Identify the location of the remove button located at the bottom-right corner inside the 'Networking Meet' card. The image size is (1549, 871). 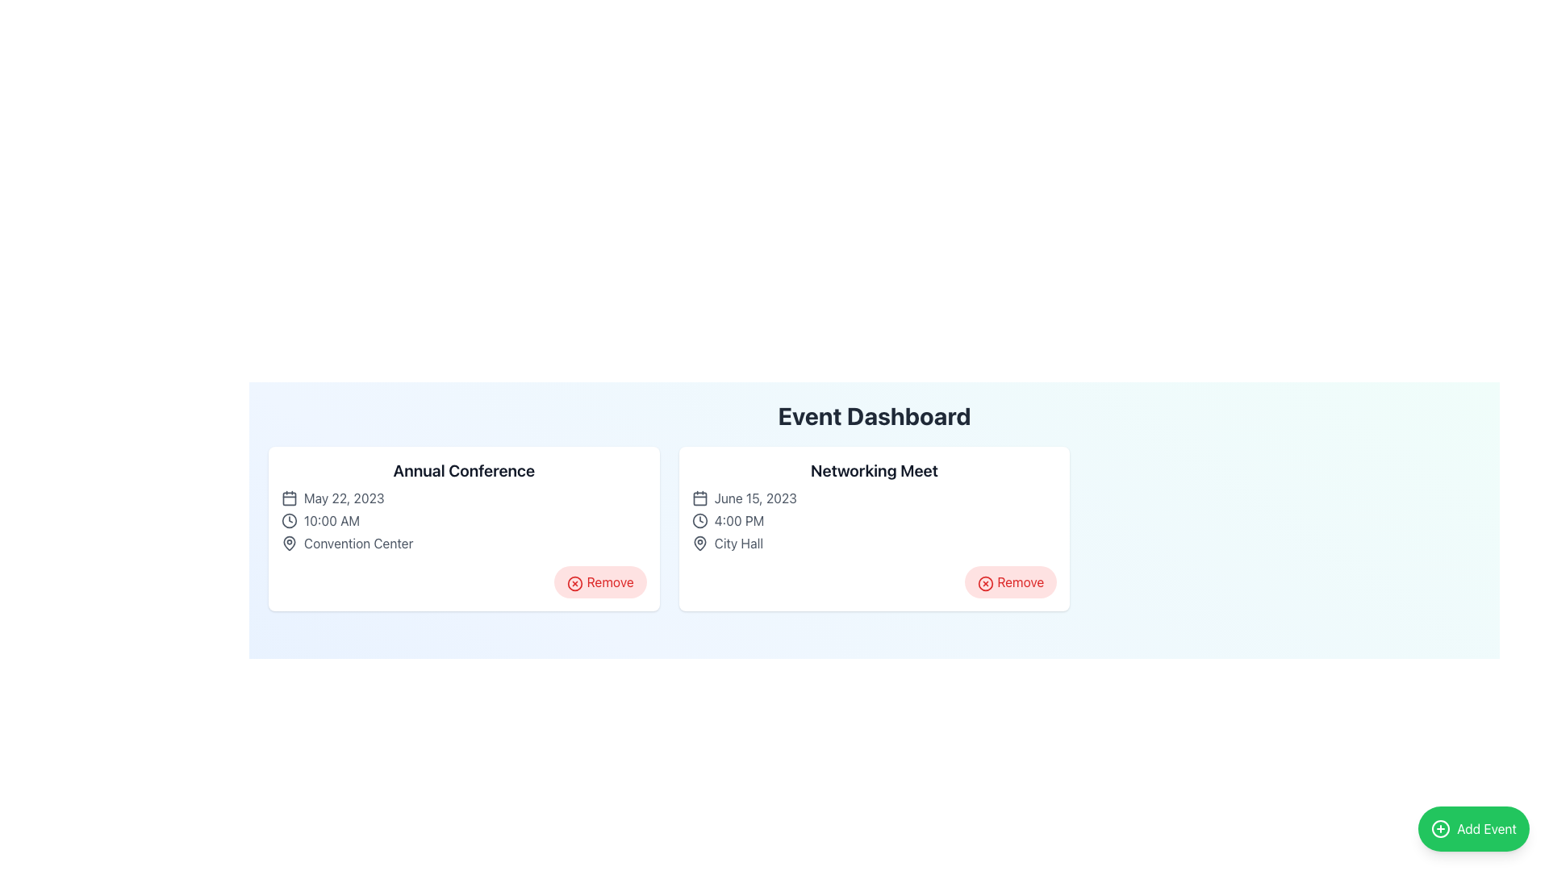
(1009, 581).